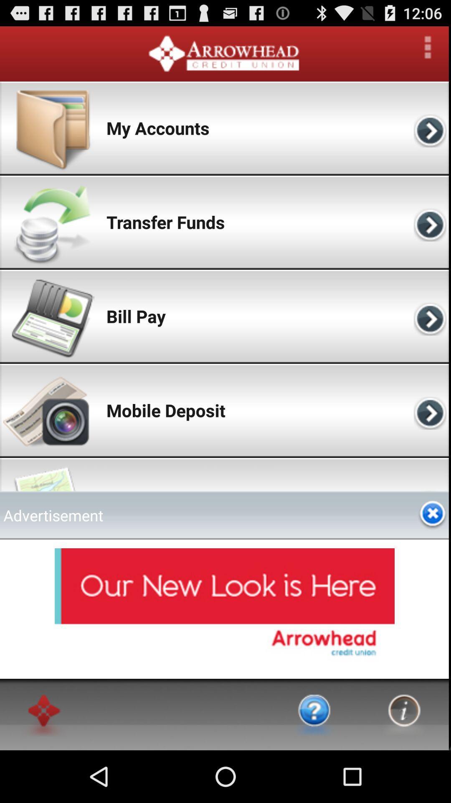  I want to click on get more details, so click(428, 47).